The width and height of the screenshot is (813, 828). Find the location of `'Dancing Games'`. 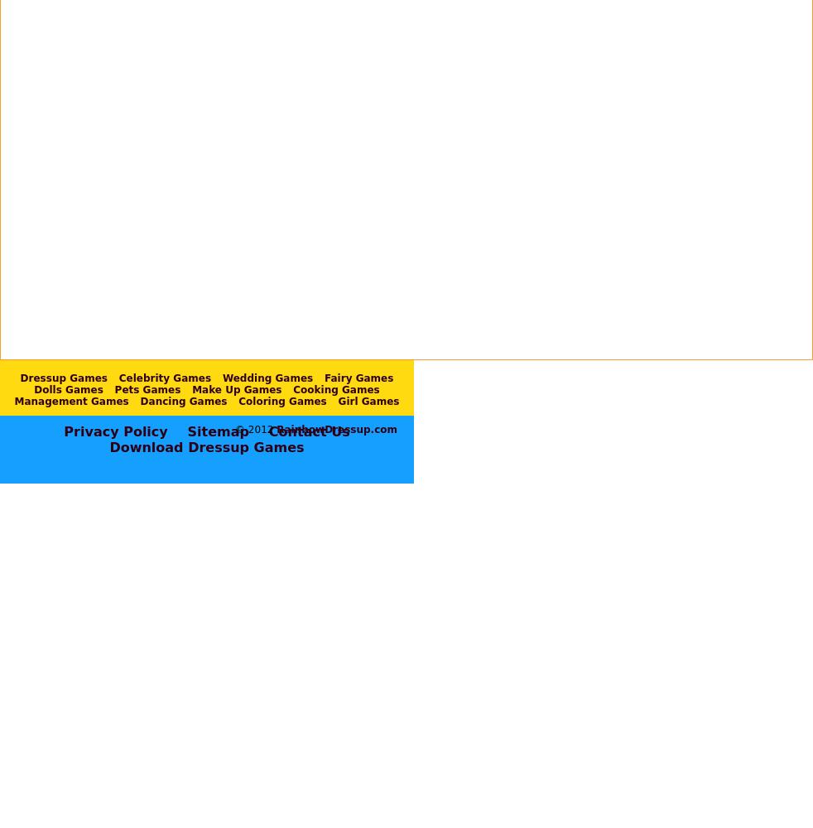

'Dancing Games' is located at coordinates (182, 400).